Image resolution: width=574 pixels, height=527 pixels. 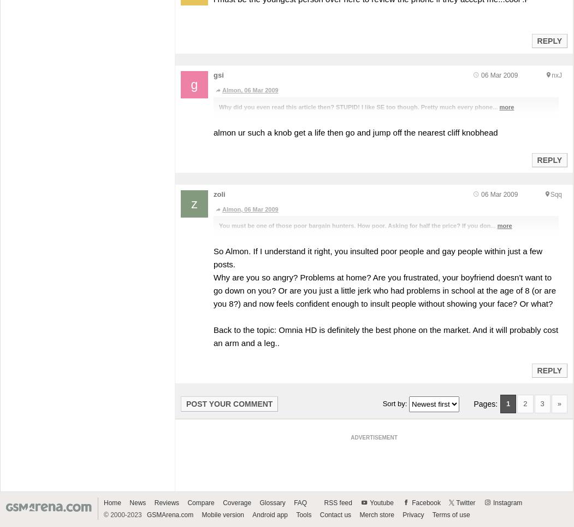 What do you see at coordinates (395, 402) in the screenshot?
I see `'Sort by:'` at bounding box center [395, 402].